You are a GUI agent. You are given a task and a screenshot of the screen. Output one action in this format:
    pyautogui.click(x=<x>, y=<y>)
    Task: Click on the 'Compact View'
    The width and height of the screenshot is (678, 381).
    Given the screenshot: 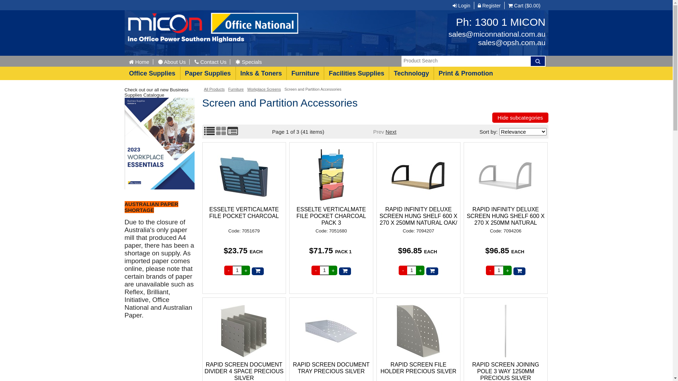 What is the action you would take?
    pyautogui.click(x=232, y=133)
    